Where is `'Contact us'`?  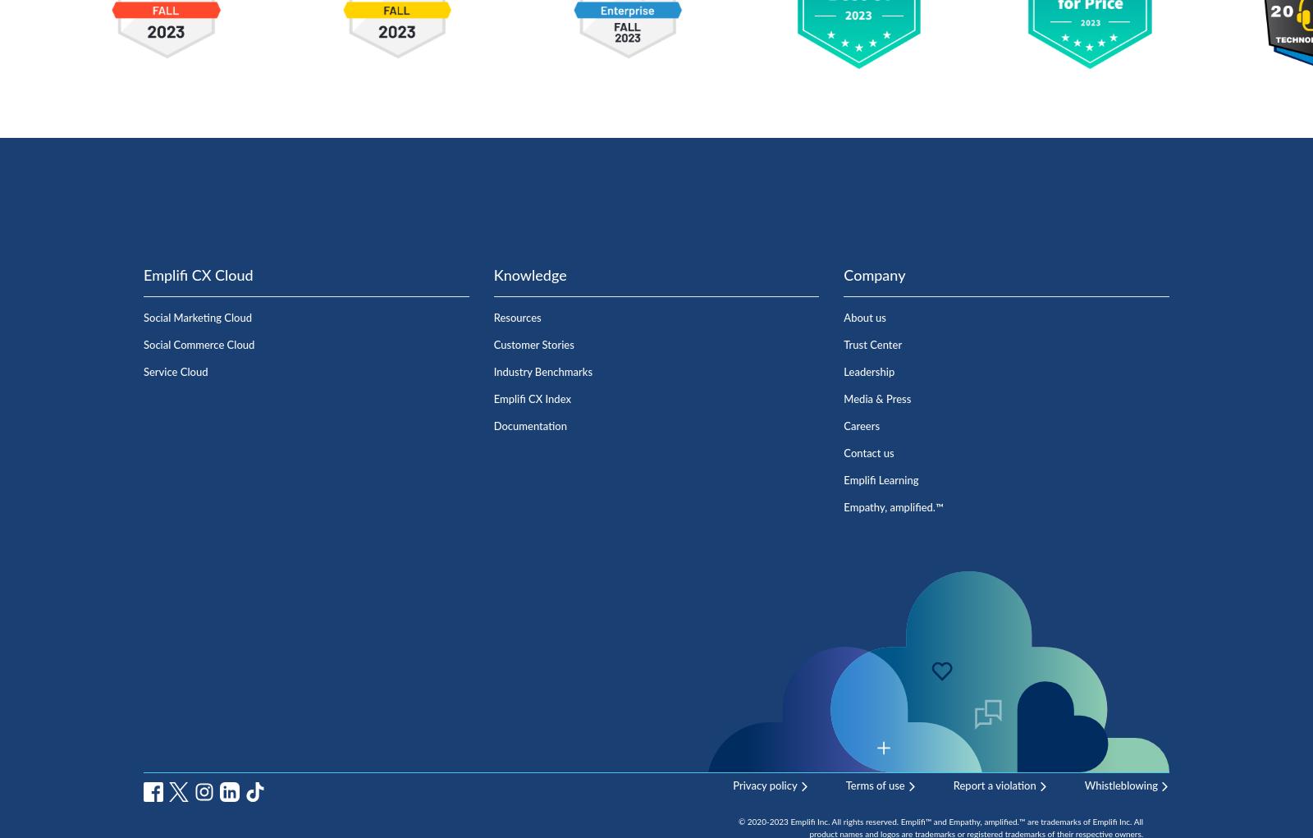
'Contact us' is located at coordinates (868, 452).